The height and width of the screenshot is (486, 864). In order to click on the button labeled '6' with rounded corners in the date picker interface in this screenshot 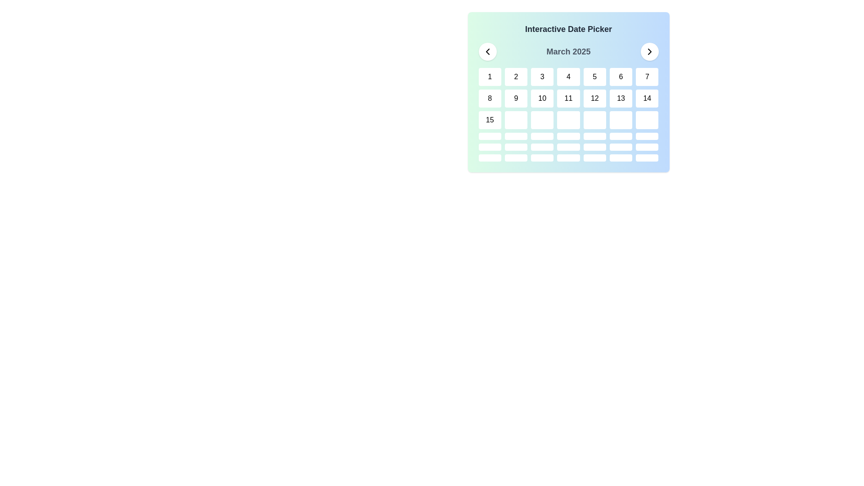, I will do `click(621, 76)`.